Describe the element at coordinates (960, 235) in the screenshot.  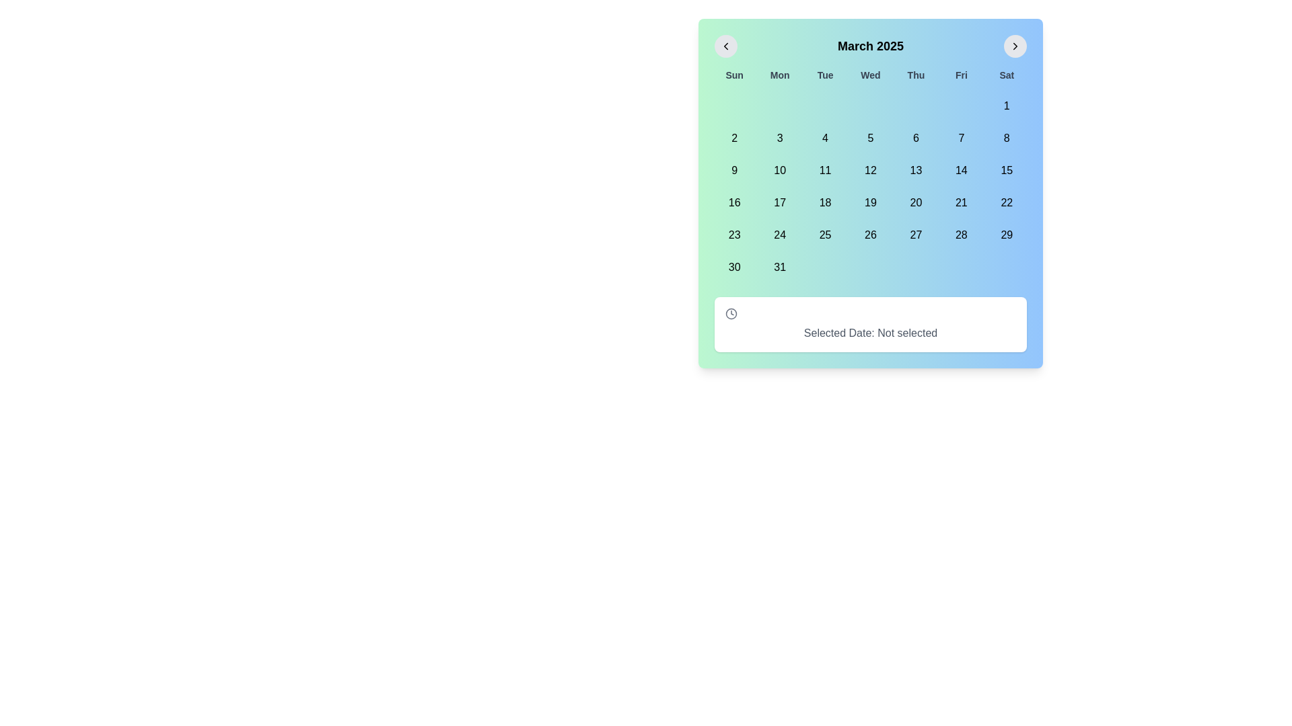
I see `the clickable calendar date button labeled '28'` at that location.